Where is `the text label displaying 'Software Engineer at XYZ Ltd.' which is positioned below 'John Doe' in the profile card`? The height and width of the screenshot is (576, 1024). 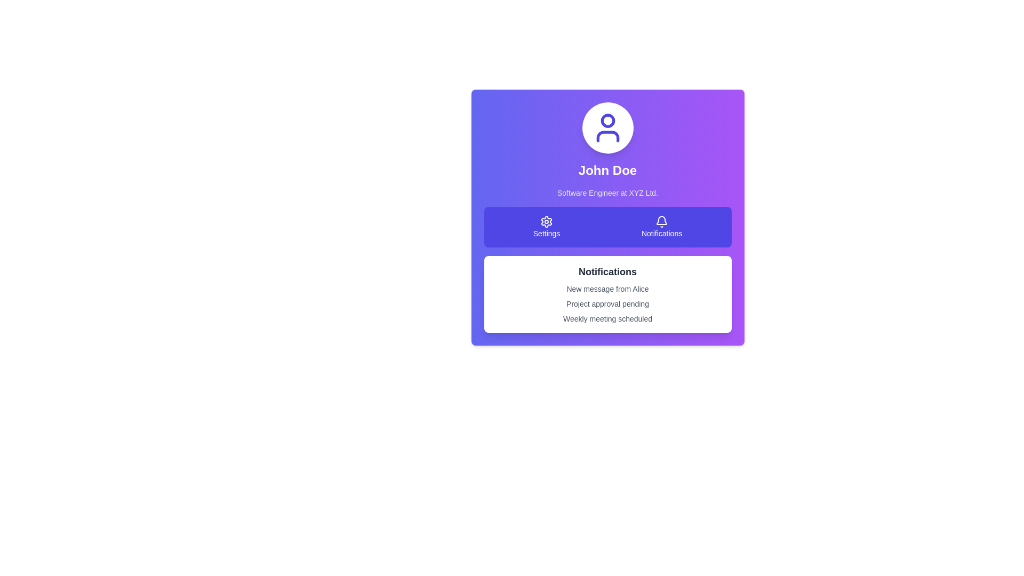
the text label displaying 'Software Engineer at XYZ Ltd.' which is positioned below 'John Doe' in the profile card is located at coordinates (607, 193).